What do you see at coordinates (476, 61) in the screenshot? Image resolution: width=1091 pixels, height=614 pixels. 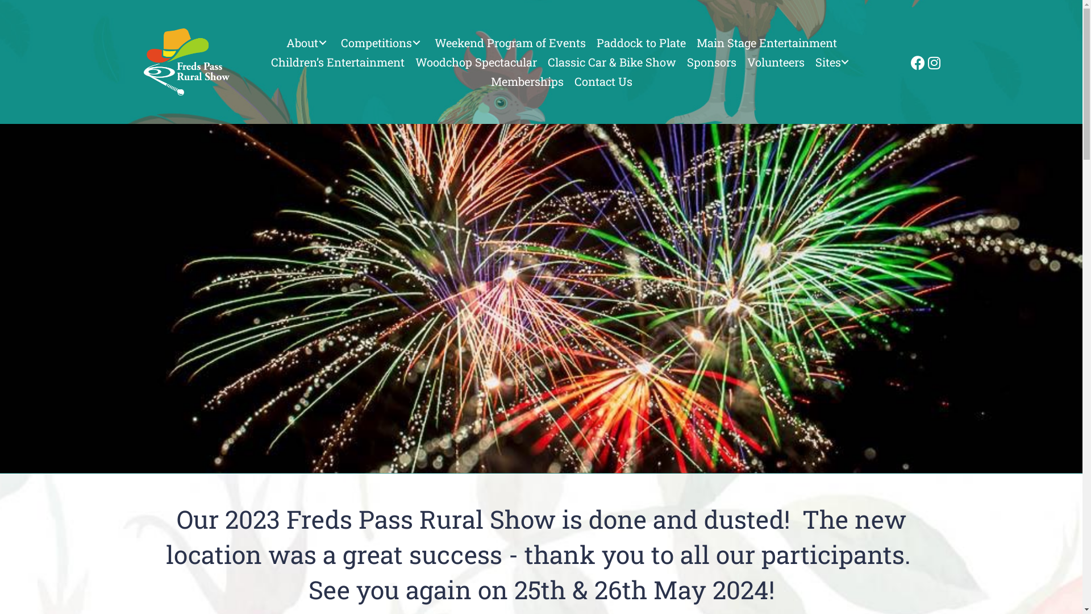 I see `'Woodchop Spectacular'` at bounding box center [476, 61].